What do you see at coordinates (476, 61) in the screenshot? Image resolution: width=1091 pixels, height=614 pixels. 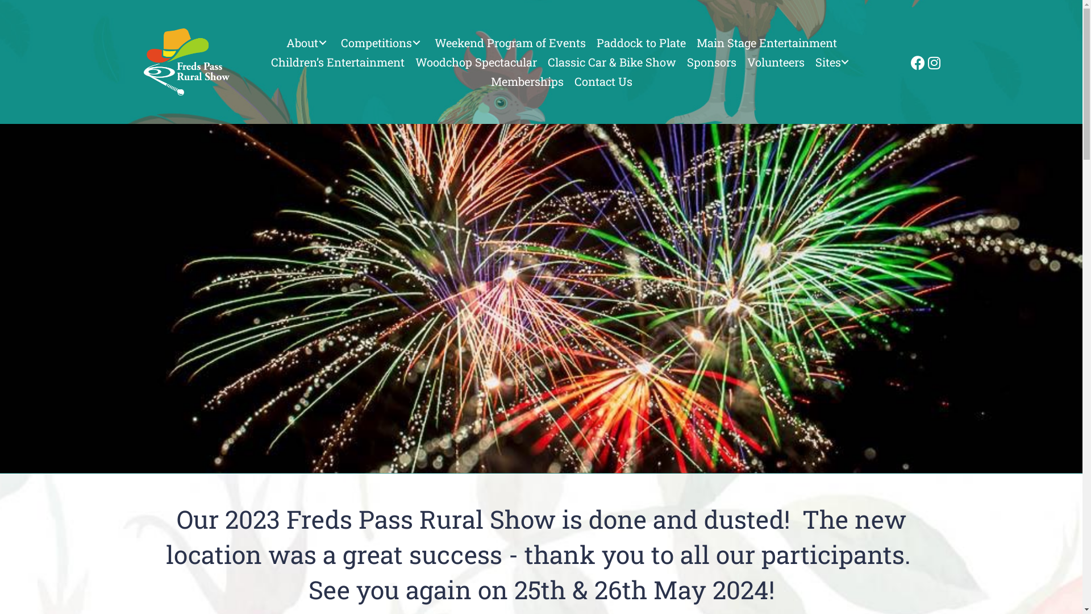 I see `'Woodchop Spectacular'` at bounding box center [476, 61].